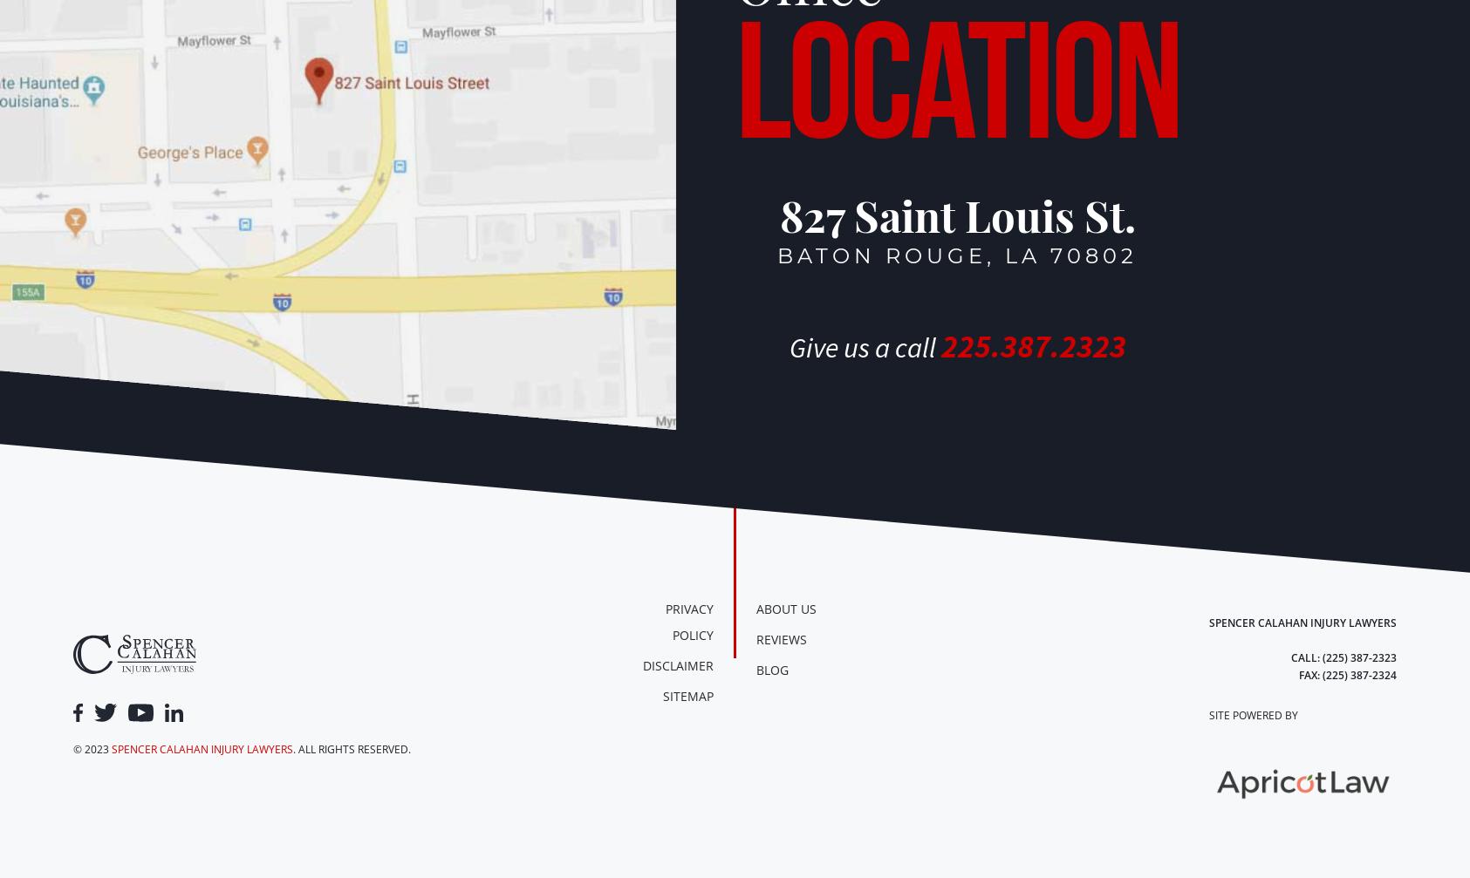  Describe the element at coordinates (782, 638) in the screenshot. I see `'Reviews'` at that location.